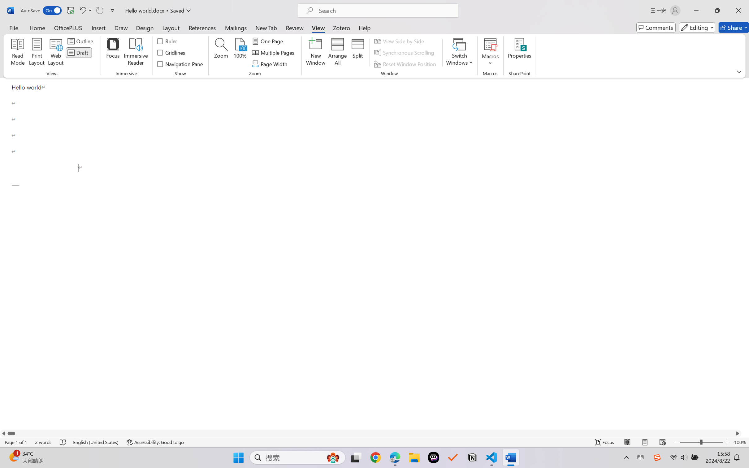  I want to click on 'Layout', so click(170, 27).